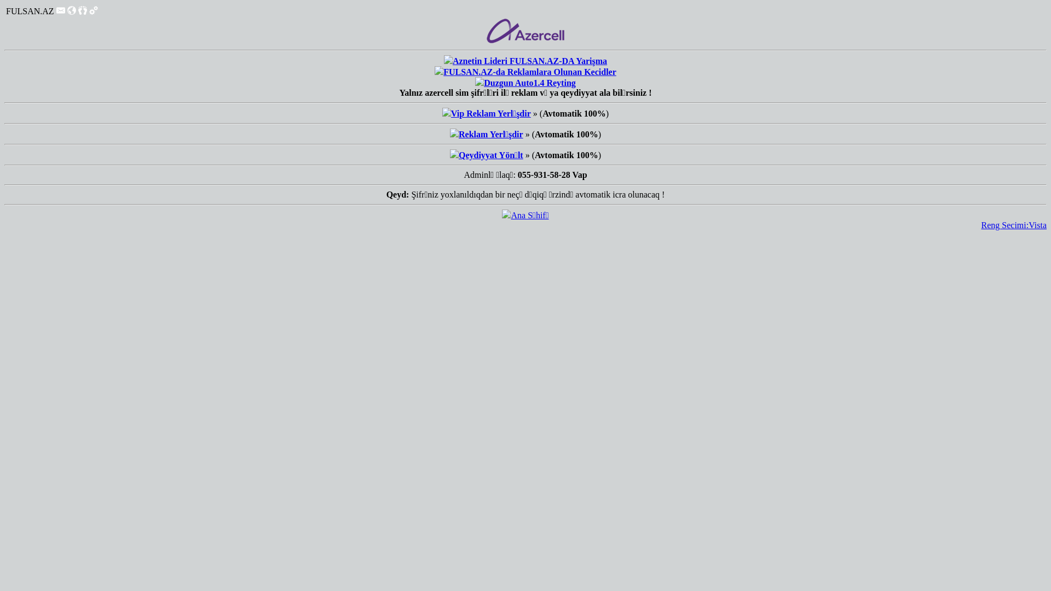 This screenshot has width=1051, height=591. What do you see at coordinates (530, 72) in the screenshot?
I see `'FULSAN.AZ-da Reklamlara Olunan Kecidler'` at bounding box center [530, 72].